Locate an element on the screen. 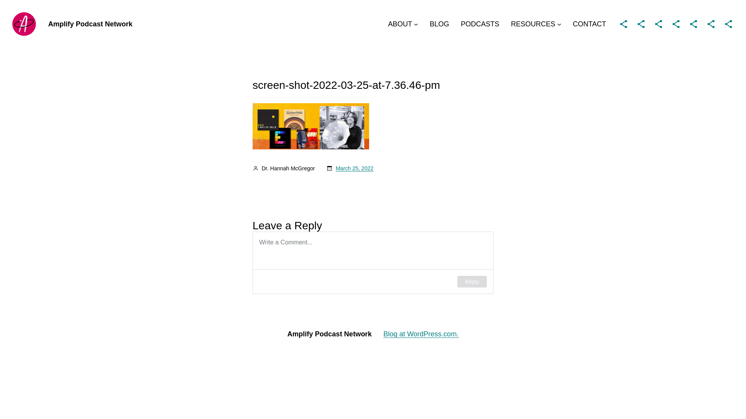 The width and height of the screenshot is (746, 419). 'Blog at WordPress.com.' is located at coordinates (421, 333).